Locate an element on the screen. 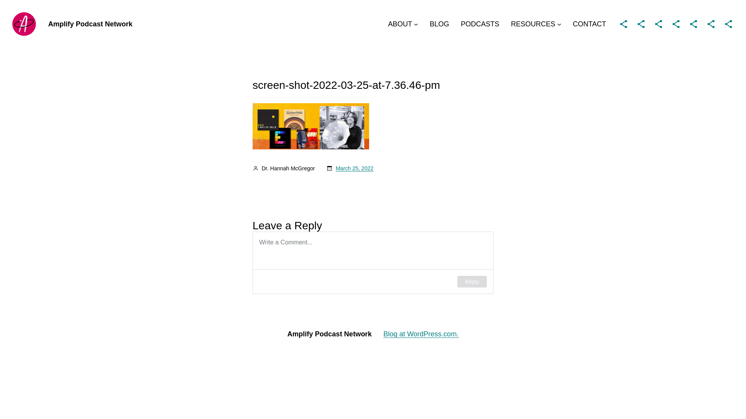 The width and height of the screenshot is (746, 419). 'Blog at WordPress.com.' is located at coordinates (421, 333).